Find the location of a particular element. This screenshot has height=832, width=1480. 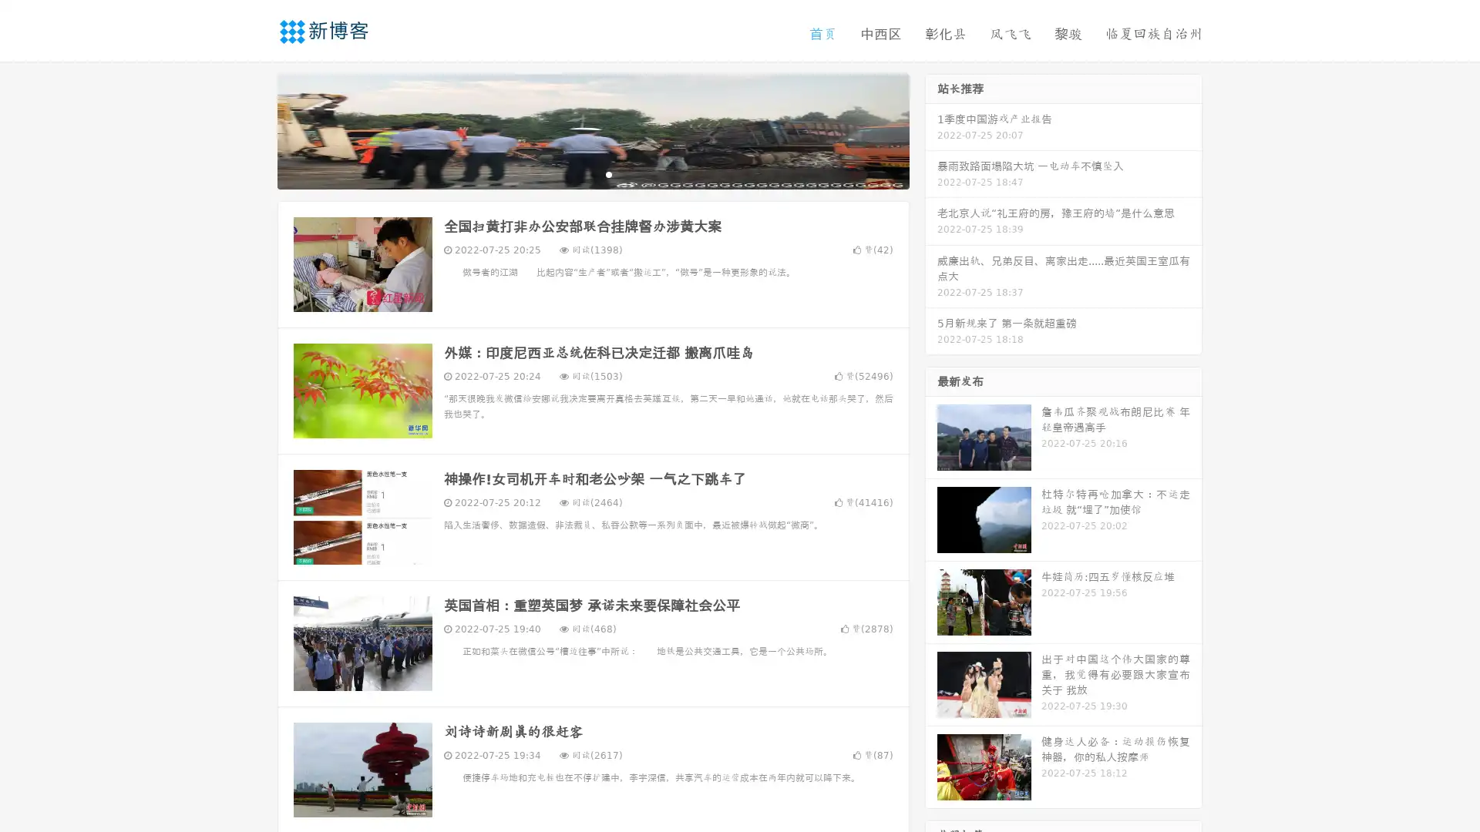

Previous slide is located at coordinates (254, 129).